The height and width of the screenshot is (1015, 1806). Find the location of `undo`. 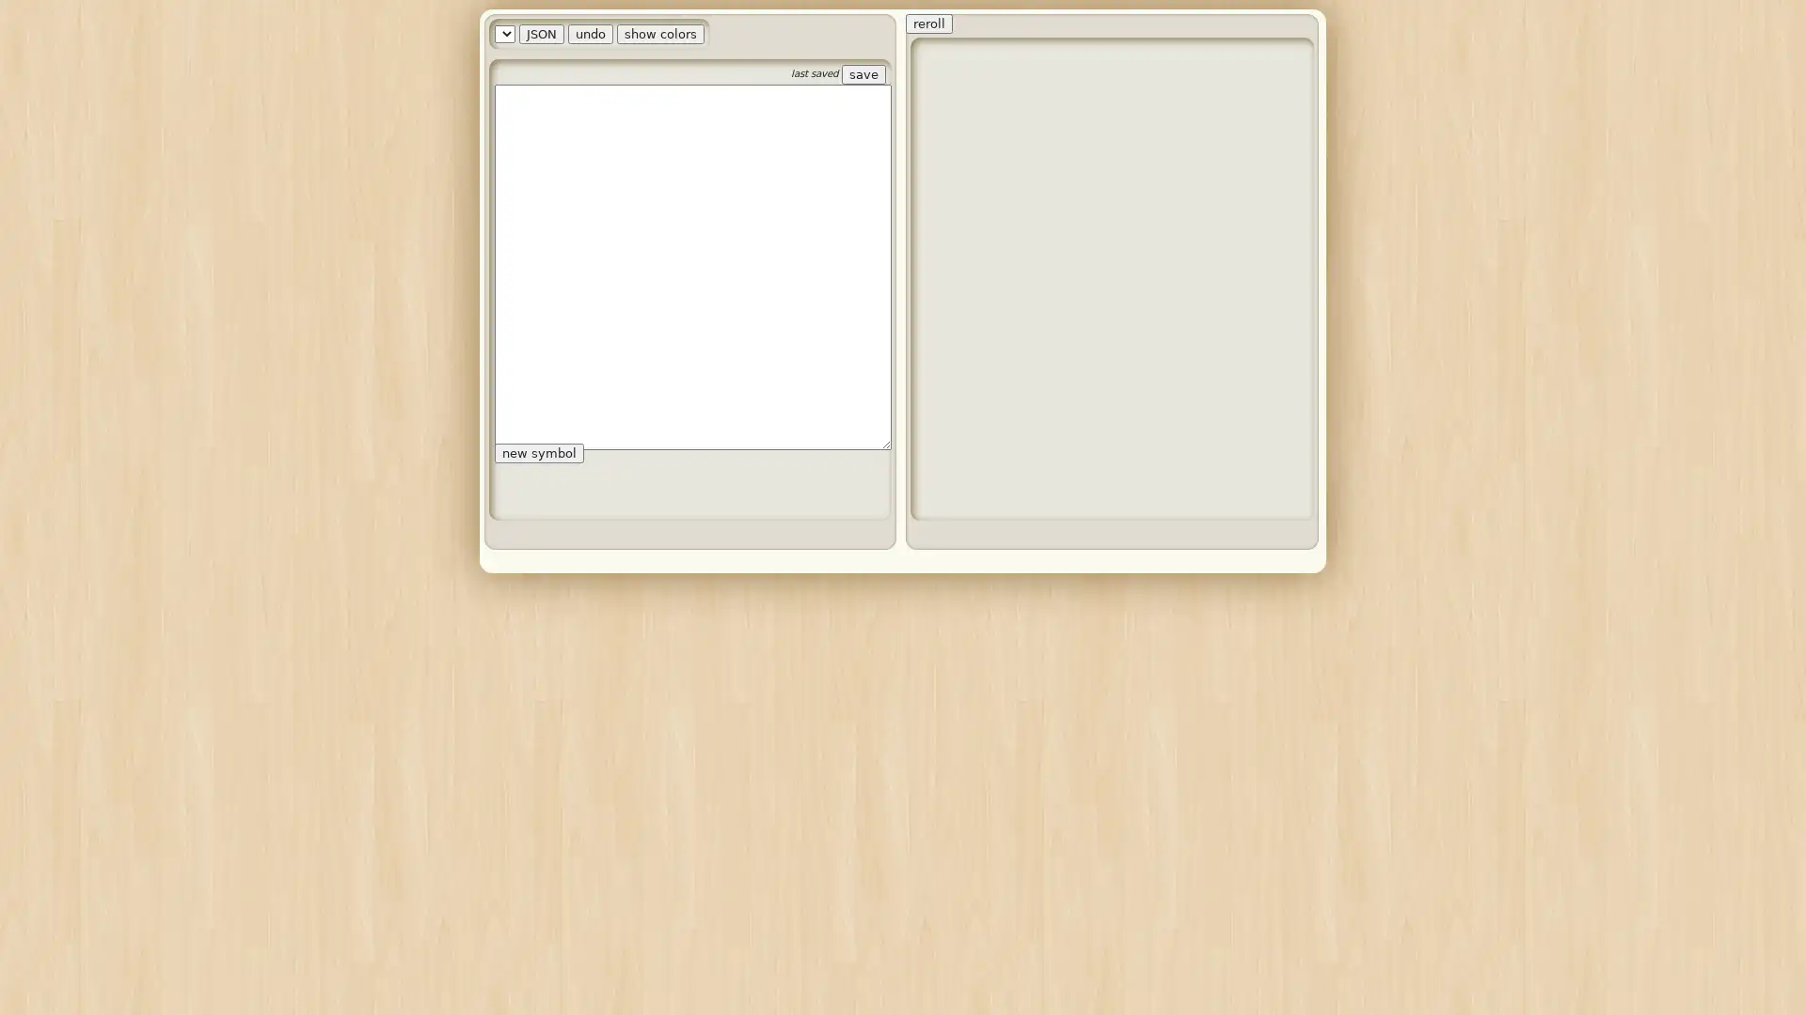

undo is located at coordinates (677, 34).